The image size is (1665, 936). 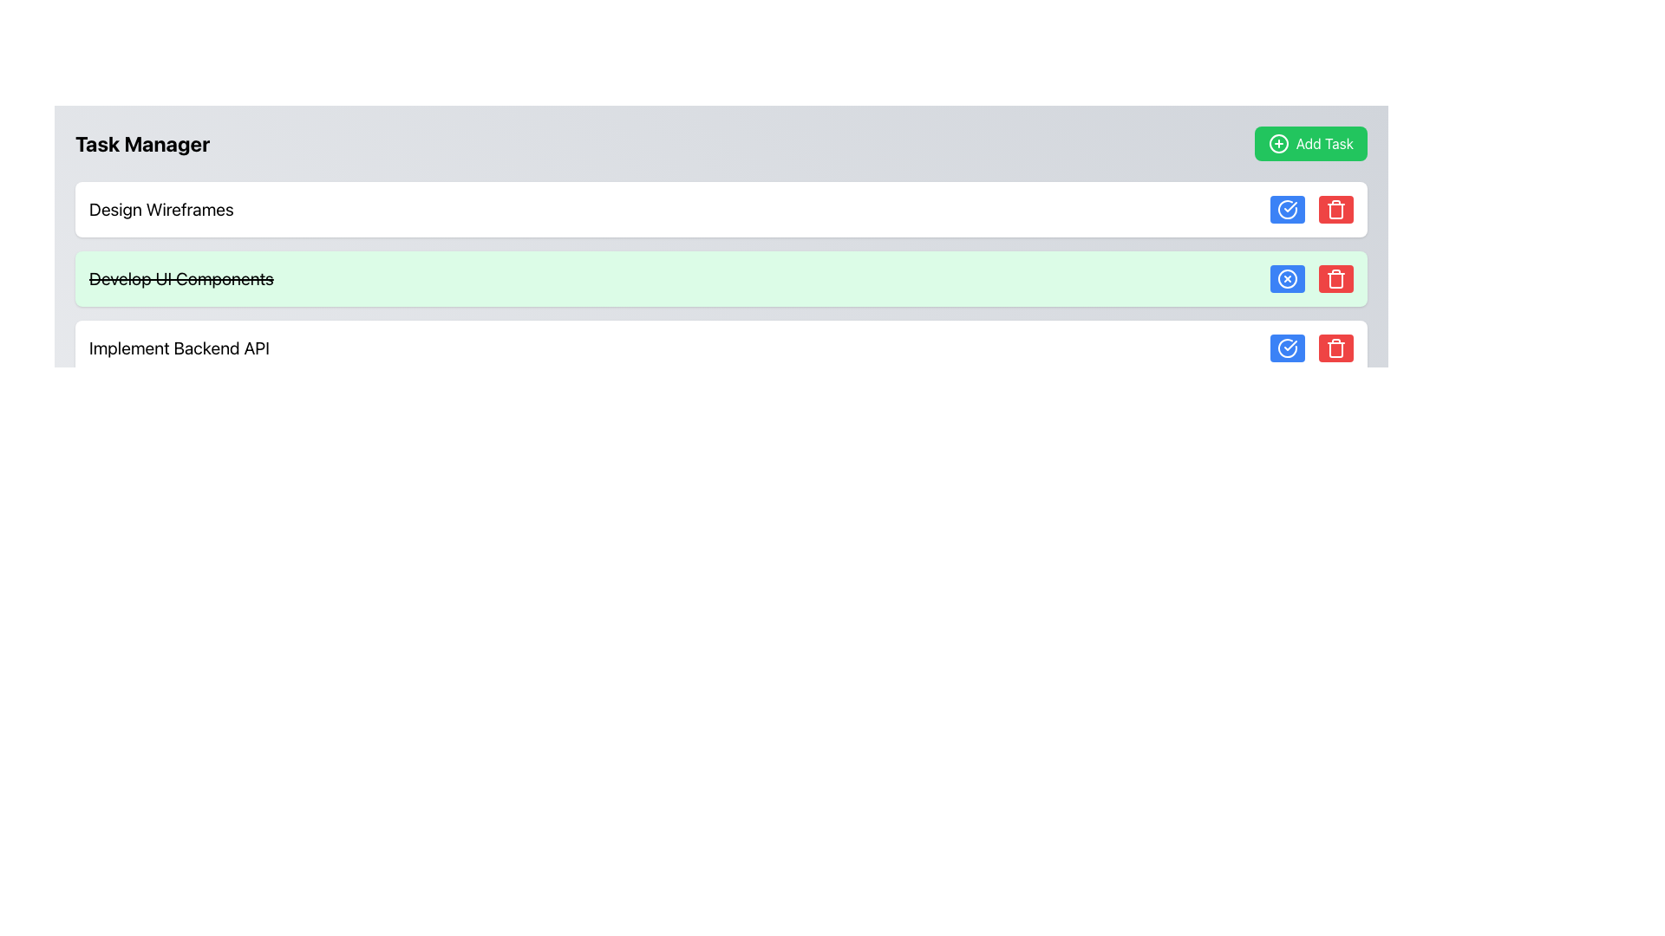 I want to click on text label for the 'Add Task' button located in the top-right corner of the layout header within the green button group, so click(x=1323, y=142).